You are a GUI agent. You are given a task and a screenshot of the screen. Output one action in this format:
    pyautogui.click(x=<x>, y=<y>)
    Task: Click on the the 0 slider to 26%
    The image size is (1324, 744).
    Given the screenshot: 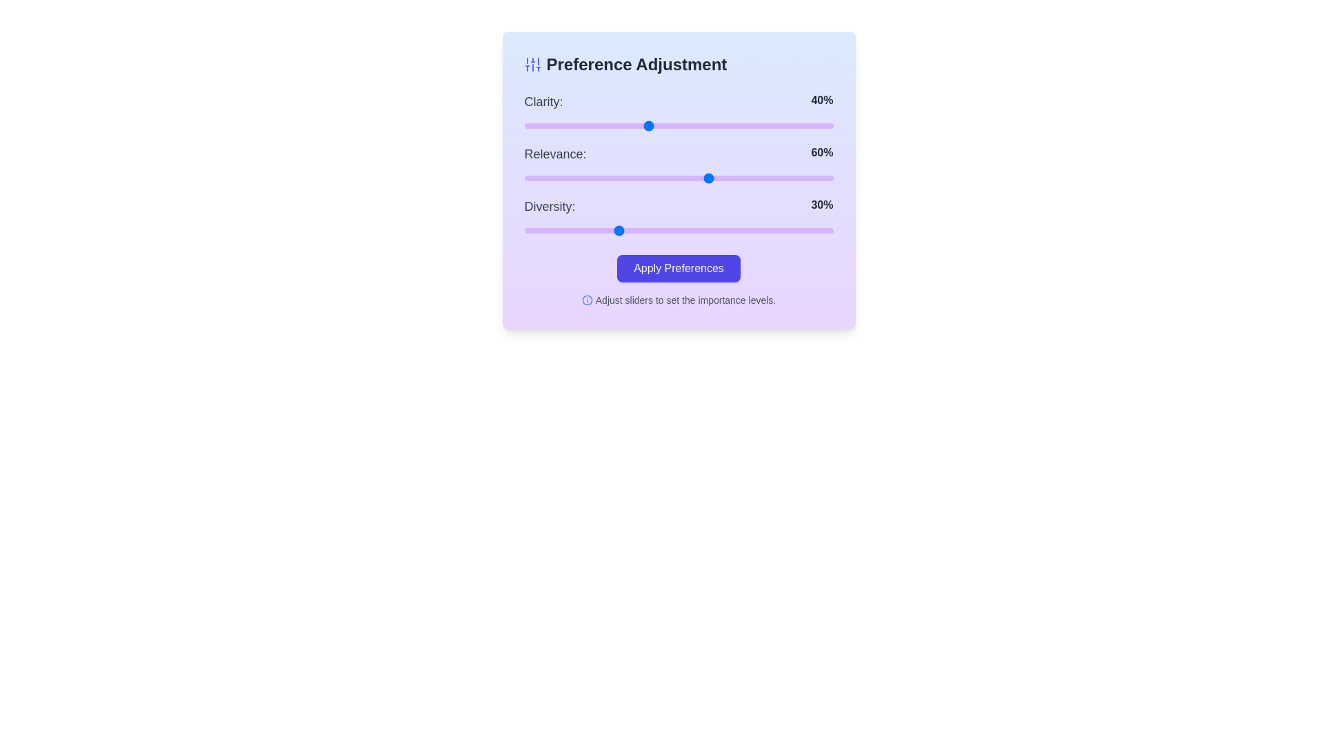 What is the action you would take?
    pyautogui.click(x=605, y=125)
    